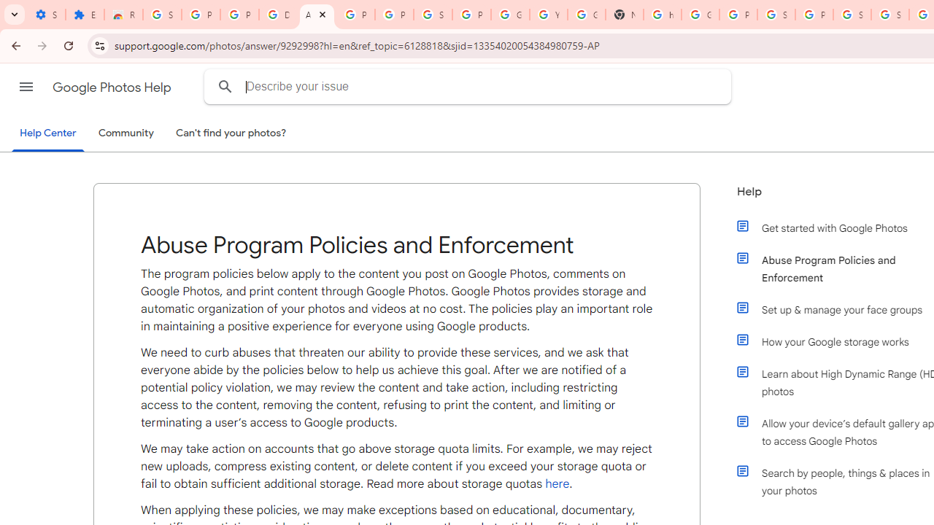 The width and height of the screenshot is (934, 525). What do you see at coordinates (557, 483) in the screenshot?
I see `'here'` at bounding box center [557, 483].